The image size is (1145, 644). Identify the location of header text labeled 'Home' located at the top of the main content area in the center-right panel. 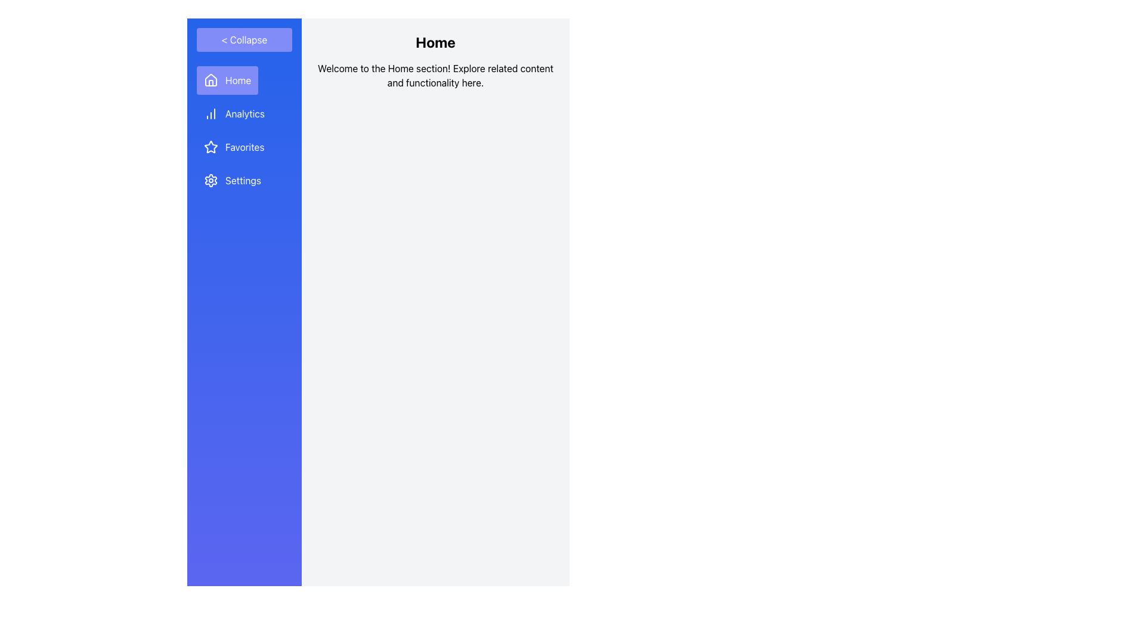
(435, 41).